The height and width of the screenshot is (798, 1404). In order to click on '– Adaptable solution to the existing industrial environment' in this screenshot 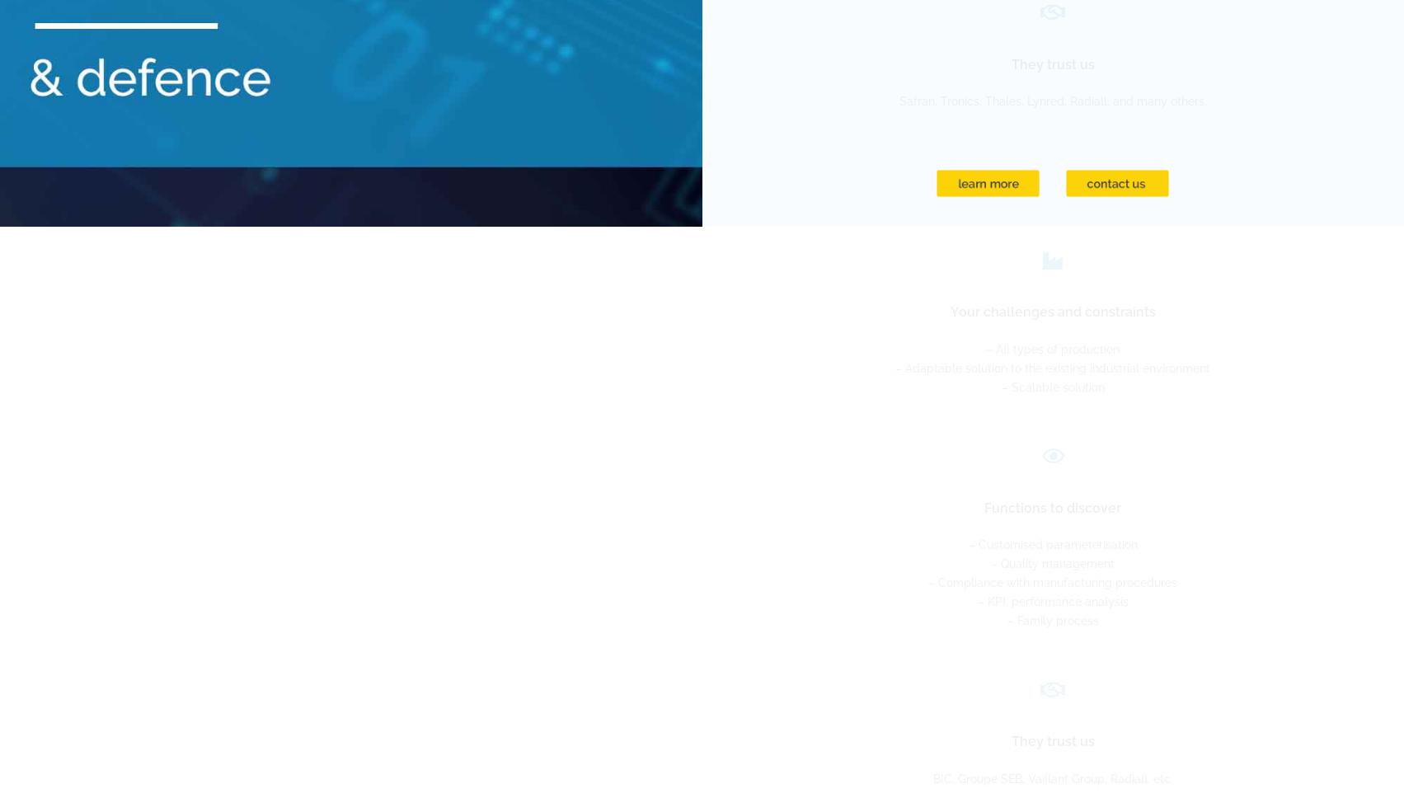, I will do `click(1052, 366)`.